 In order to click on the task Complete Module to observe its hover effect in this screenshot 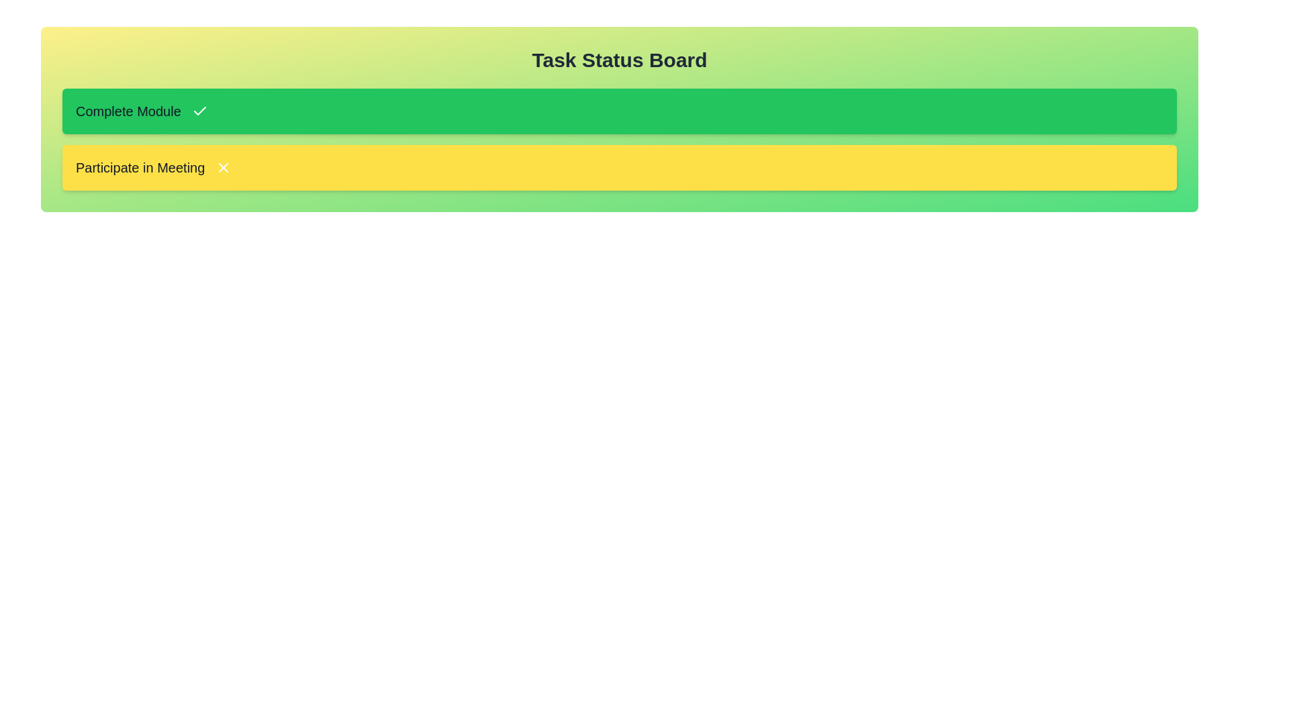, I will do `click(618, 110)`.